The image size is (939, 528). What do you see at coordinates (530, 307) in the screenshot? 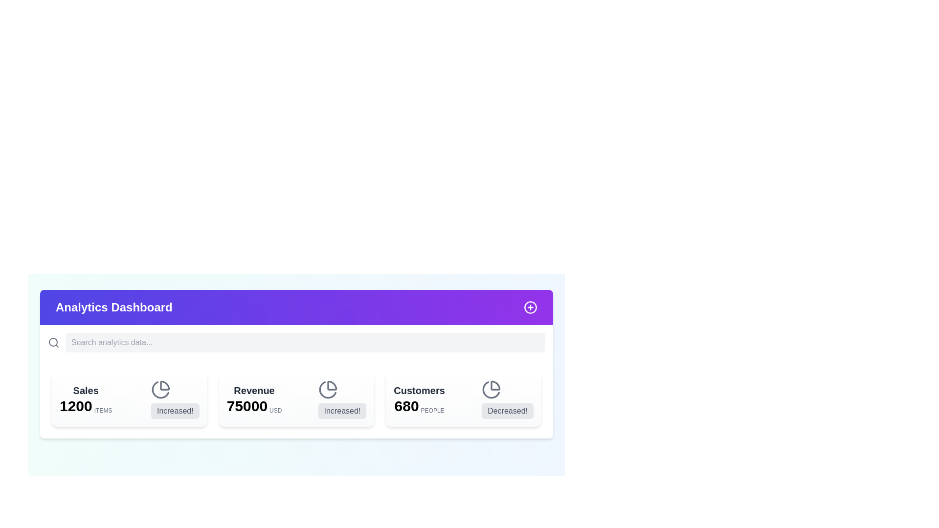
I see `the circular icon button with a plus sign (+) located on the right side of the 'Analytics Dashboard' header` at bounding box center [530, 307].